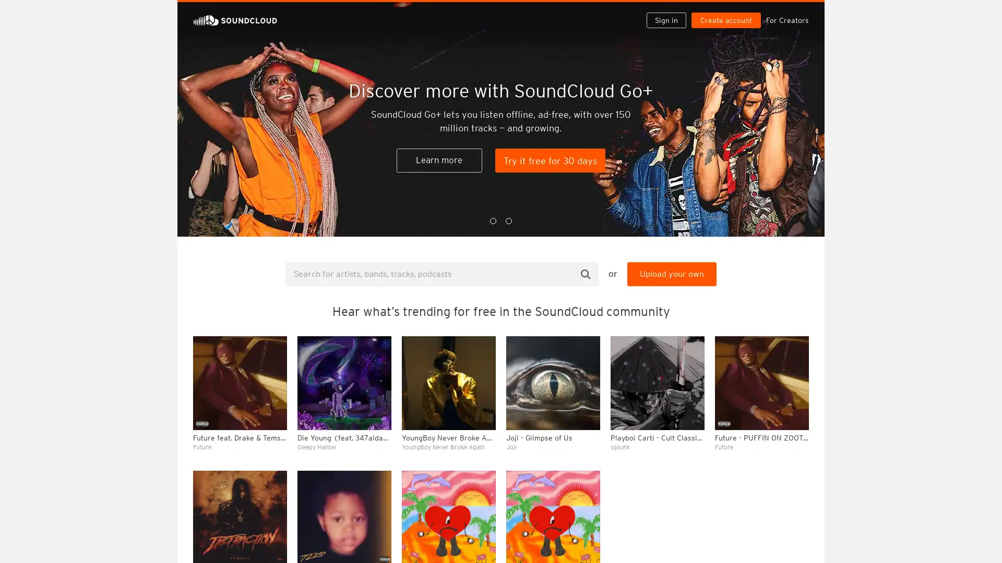 This screenshot has height=563, width=1002. What do you see at coordinates (773, 285) in the screenshot?
I see `Clear` at bounding box center [773, 285].